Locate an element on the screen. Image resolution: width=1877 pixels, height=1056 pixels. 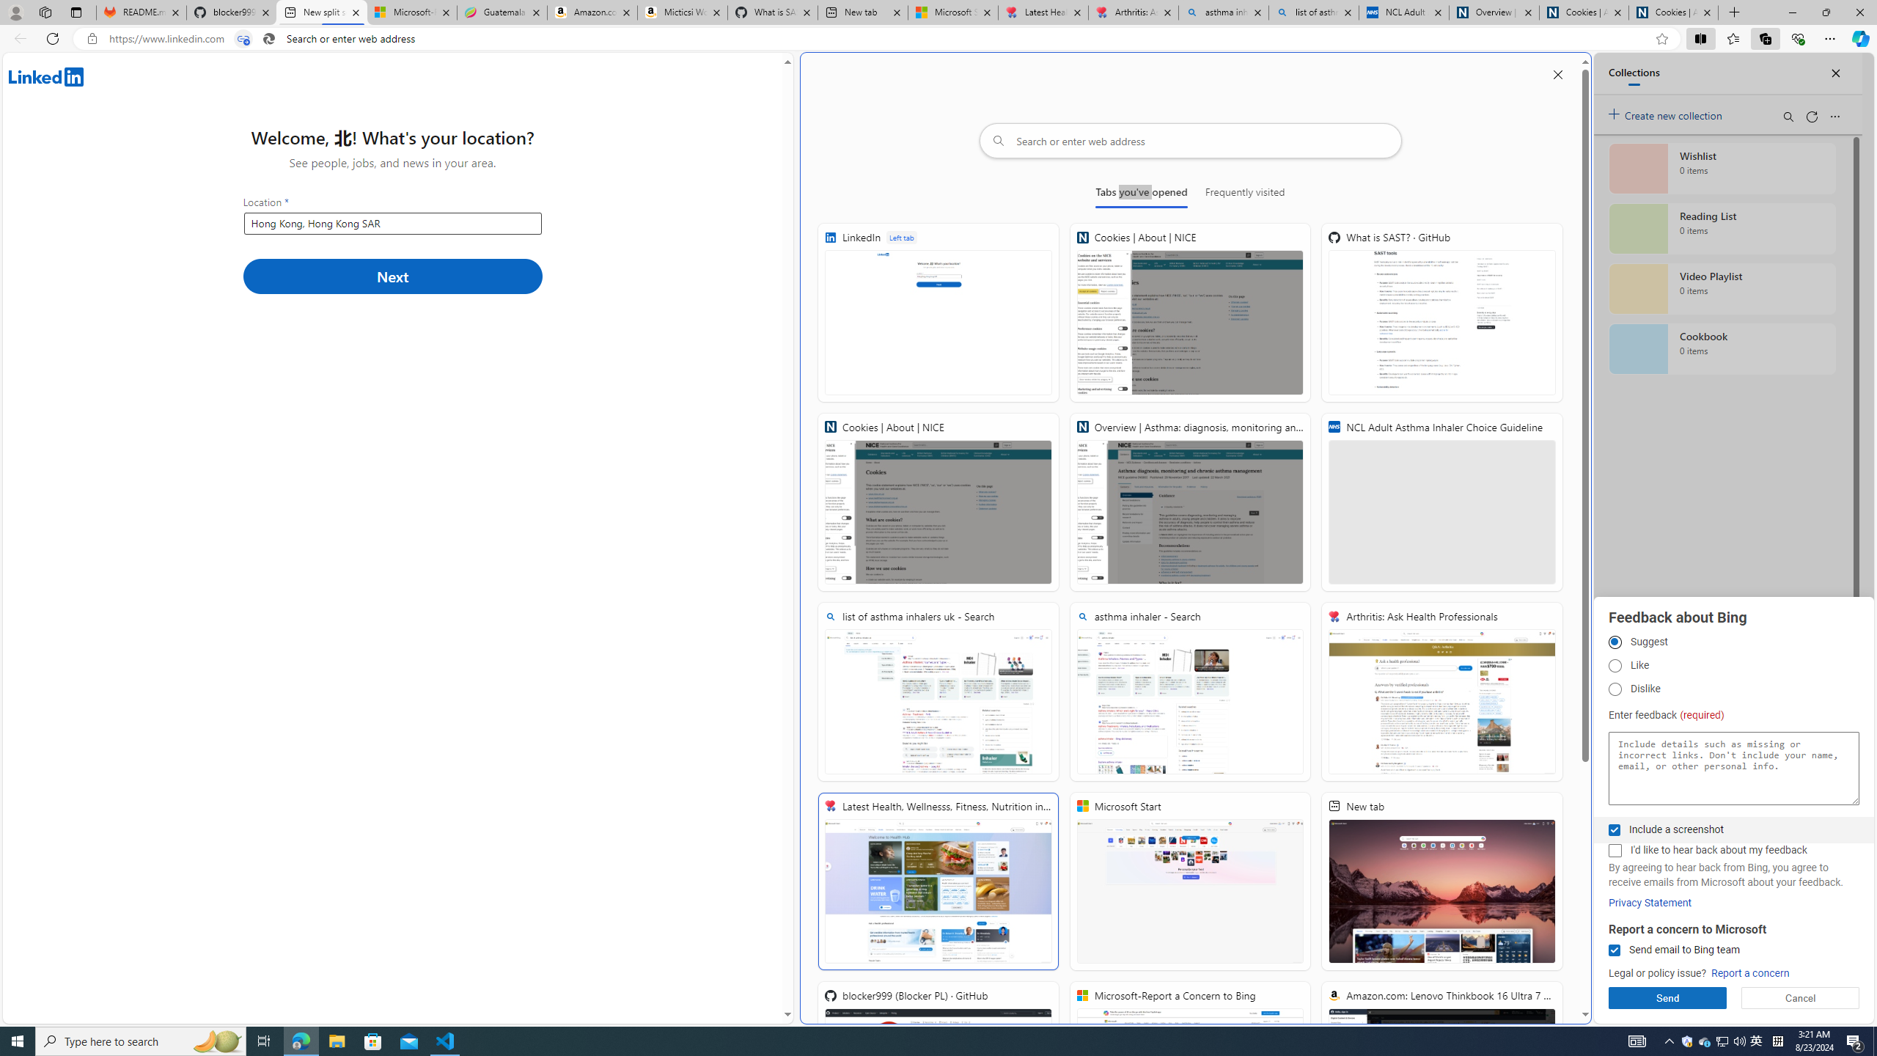
'Tabs in split screen' is located at coordinates (243, 39).